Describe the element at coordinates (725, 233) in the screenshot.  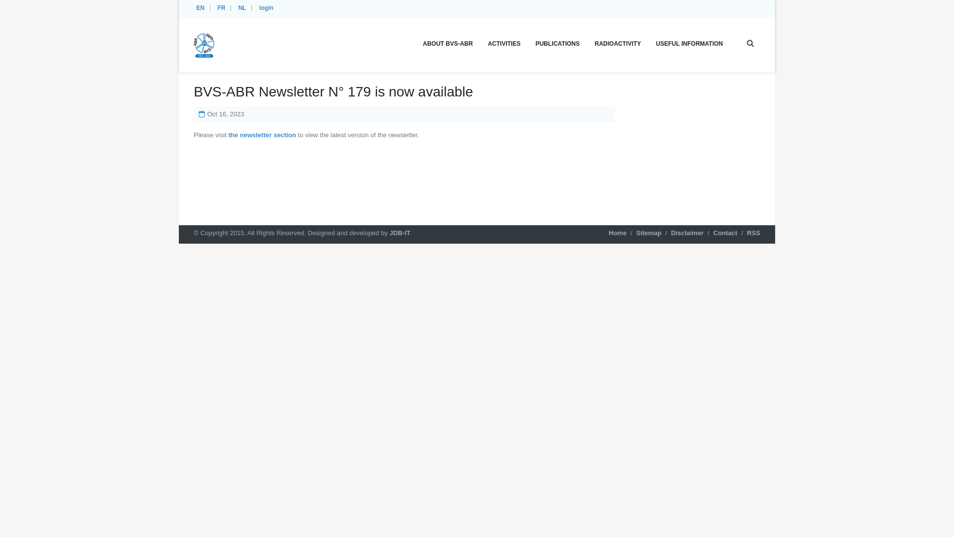
I see `'Contact'` at that location.